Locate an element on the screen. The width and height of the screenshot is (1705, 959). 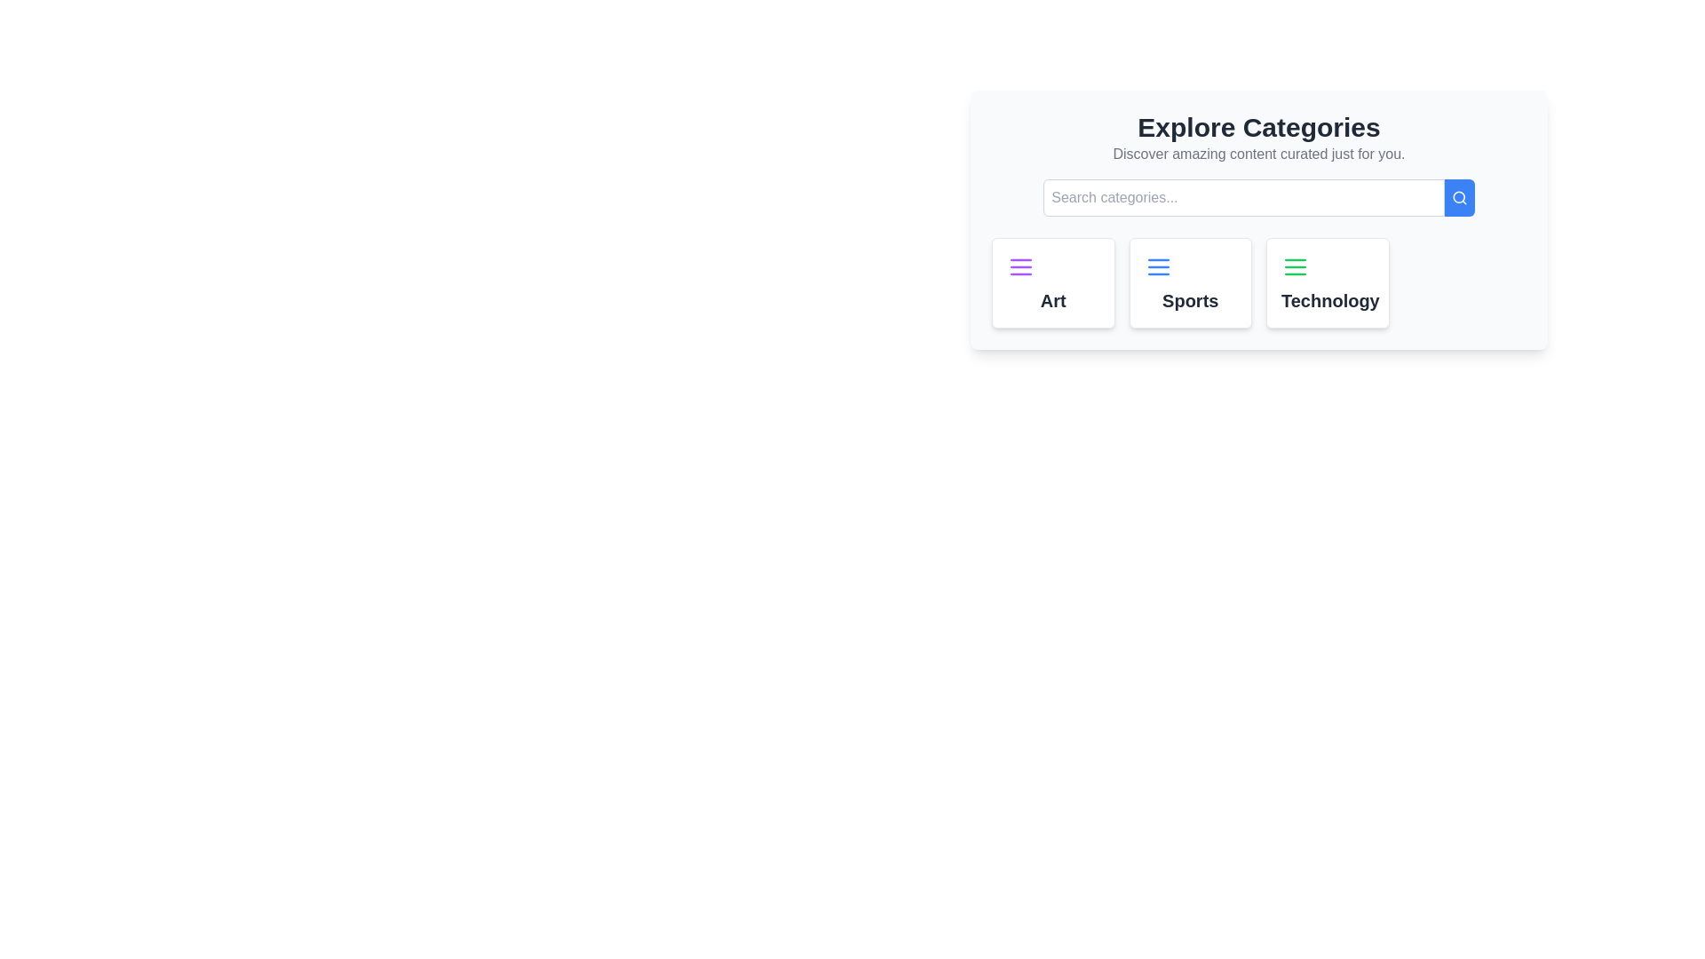
the 'Technology' text label within the rightmost card under the 'Explore Categories' heading is located at coordinates (1328, 300).